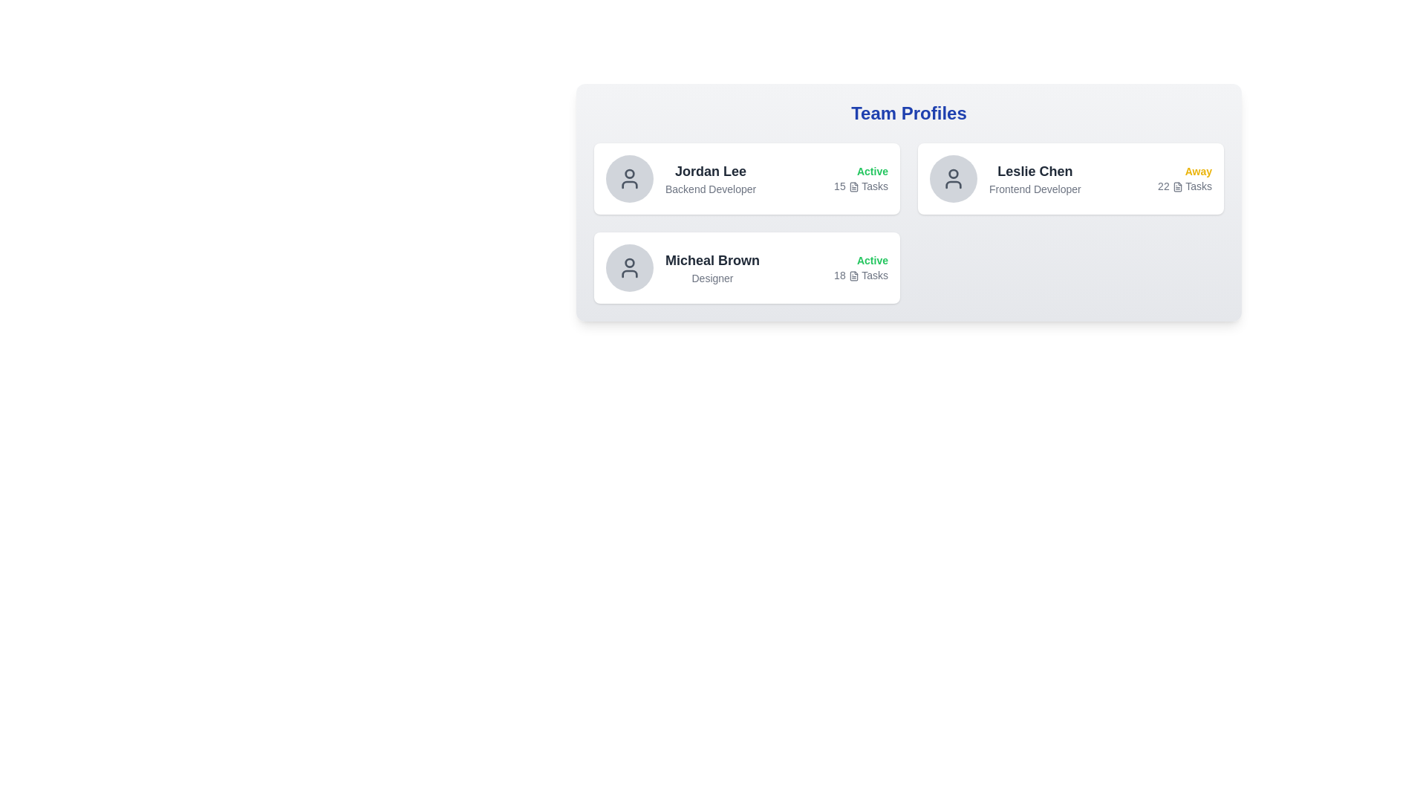  What do you see at coordinates (1145, 177) in the screenshot?
I see `the Status and Task Information Display showing 'Away' and '22 Tasks' for the profile of 'Leslie Chen, Frontend Developer'` at bounding box center [1145, 177].